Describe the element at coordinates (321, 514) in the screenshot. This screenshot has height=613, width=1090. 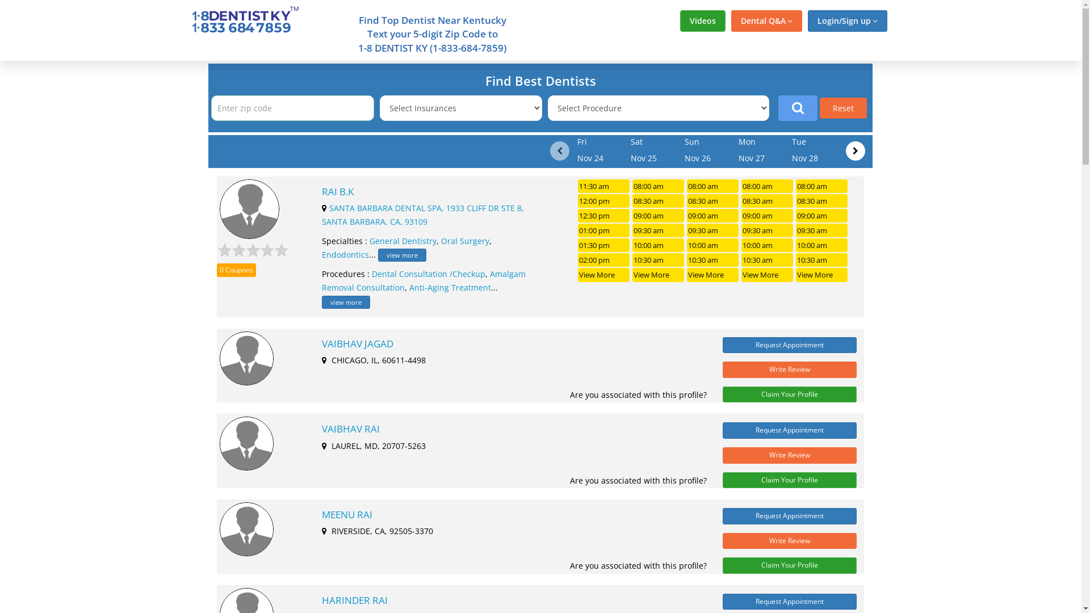
I see `'MEENU RAI'` at that location.